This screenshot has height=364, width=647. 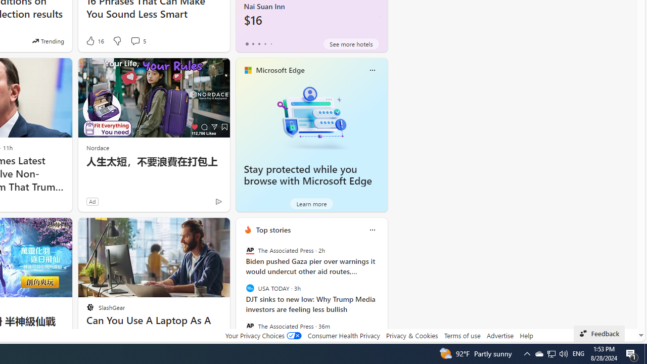 I want to click on 'tab-0', so click(x=247, y=43).